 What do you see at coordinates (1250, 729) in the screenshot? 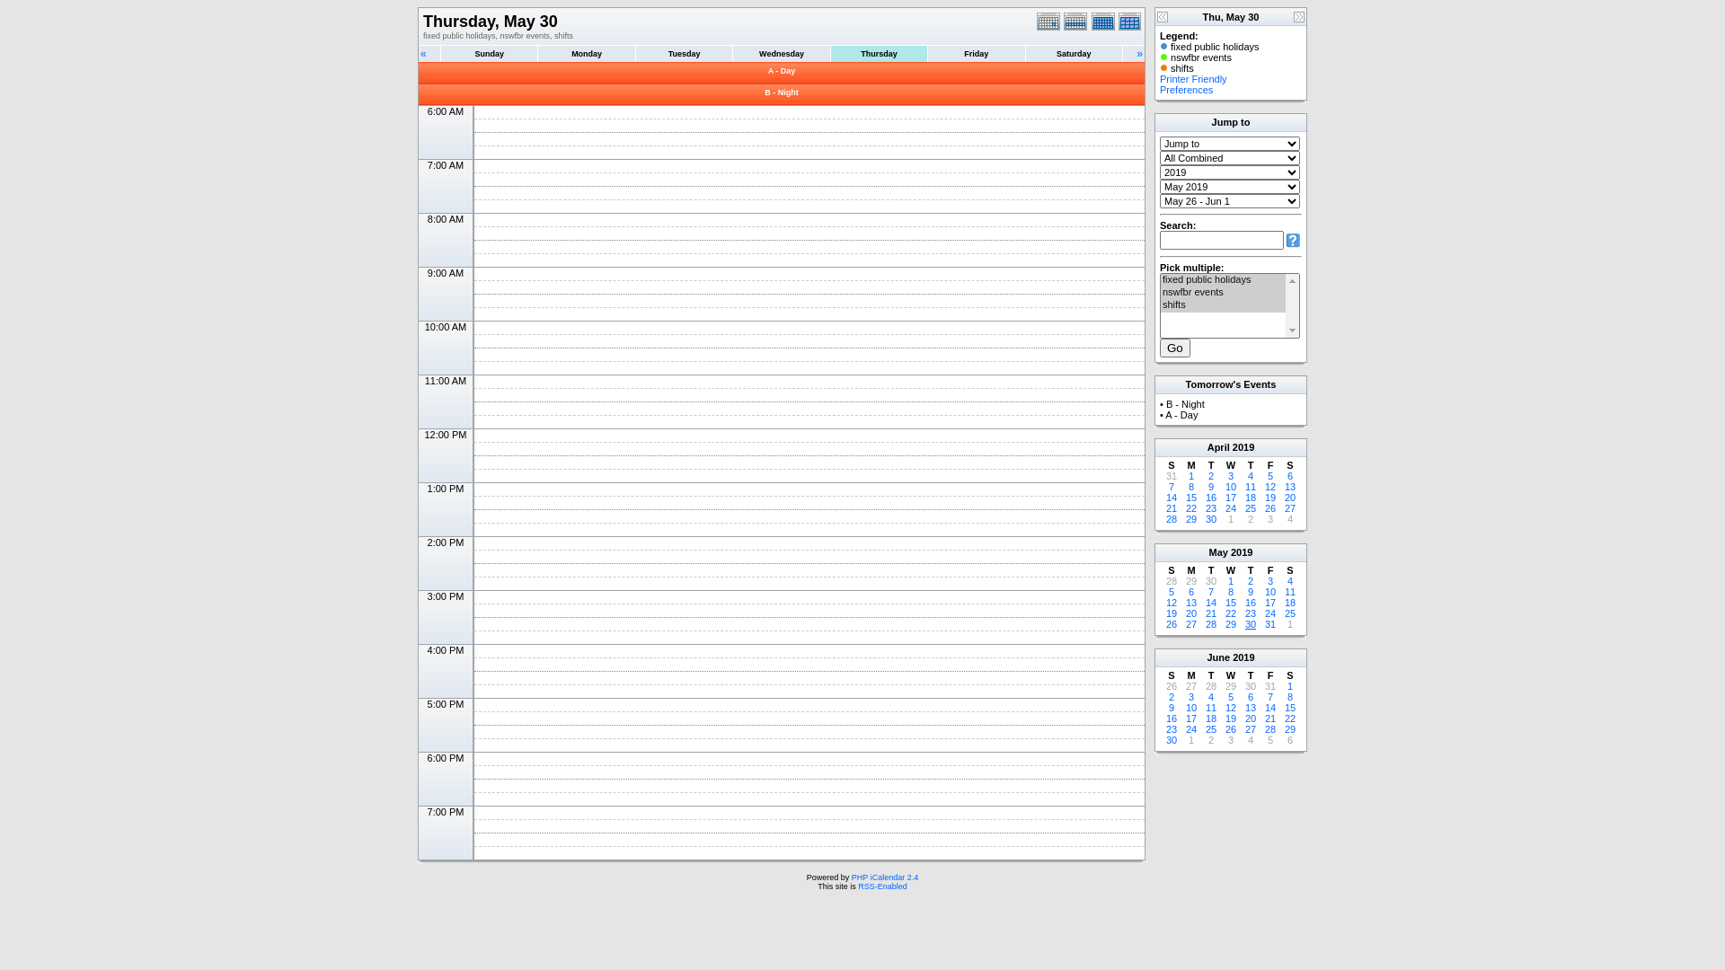
I see `'27'` at bounding box center [1250, 729].